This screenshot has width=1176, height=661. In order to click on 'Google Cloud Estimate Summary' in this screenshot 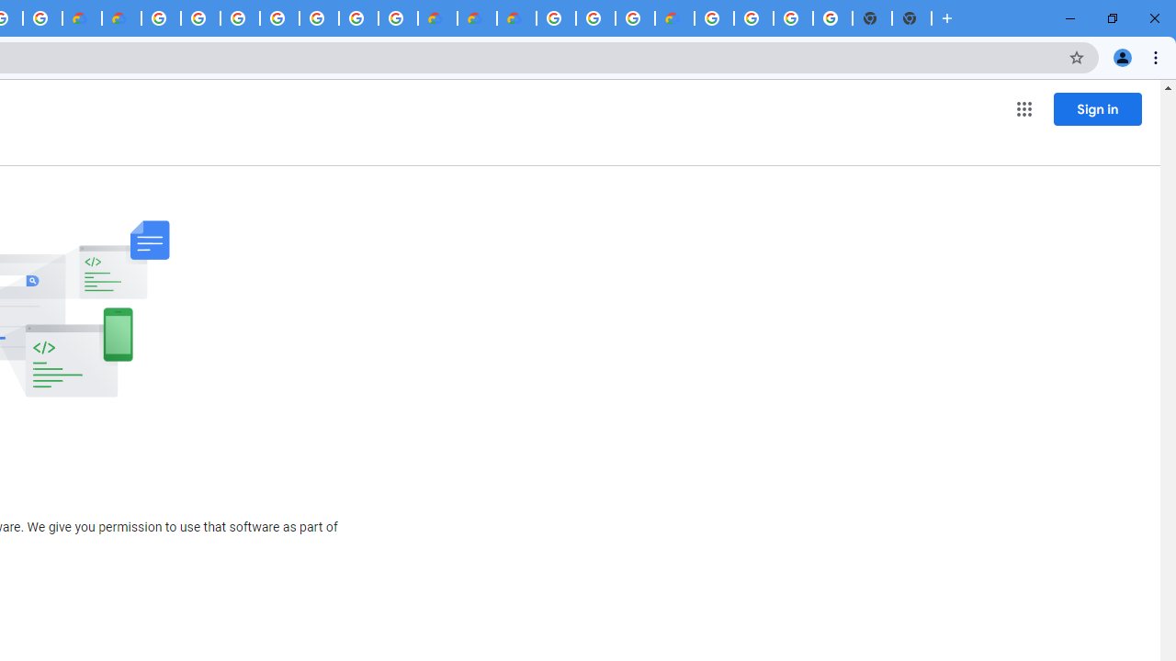, I will do `click(515, 18)`.